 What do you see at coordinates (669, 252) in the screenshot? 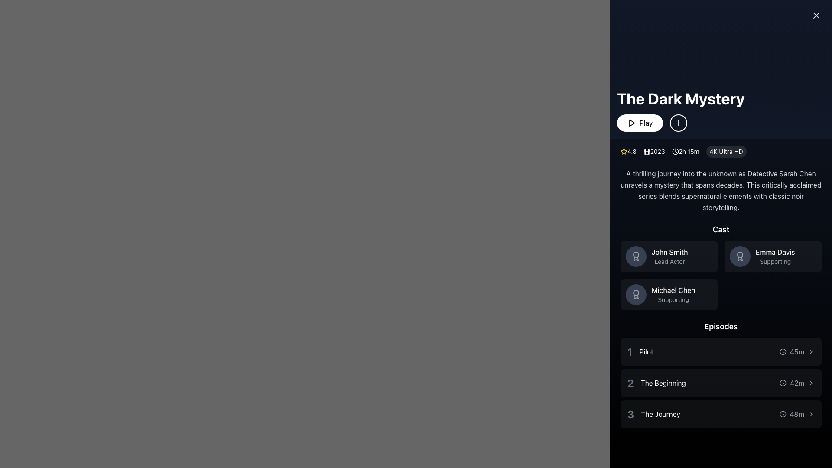
I see `text label 'John Smith' which is styled in bold, medium-sized font and is prominently displayed in the top-left block of the 'Cast' section, above the text 'Lead Actor'` at bounding box center [669, 252].